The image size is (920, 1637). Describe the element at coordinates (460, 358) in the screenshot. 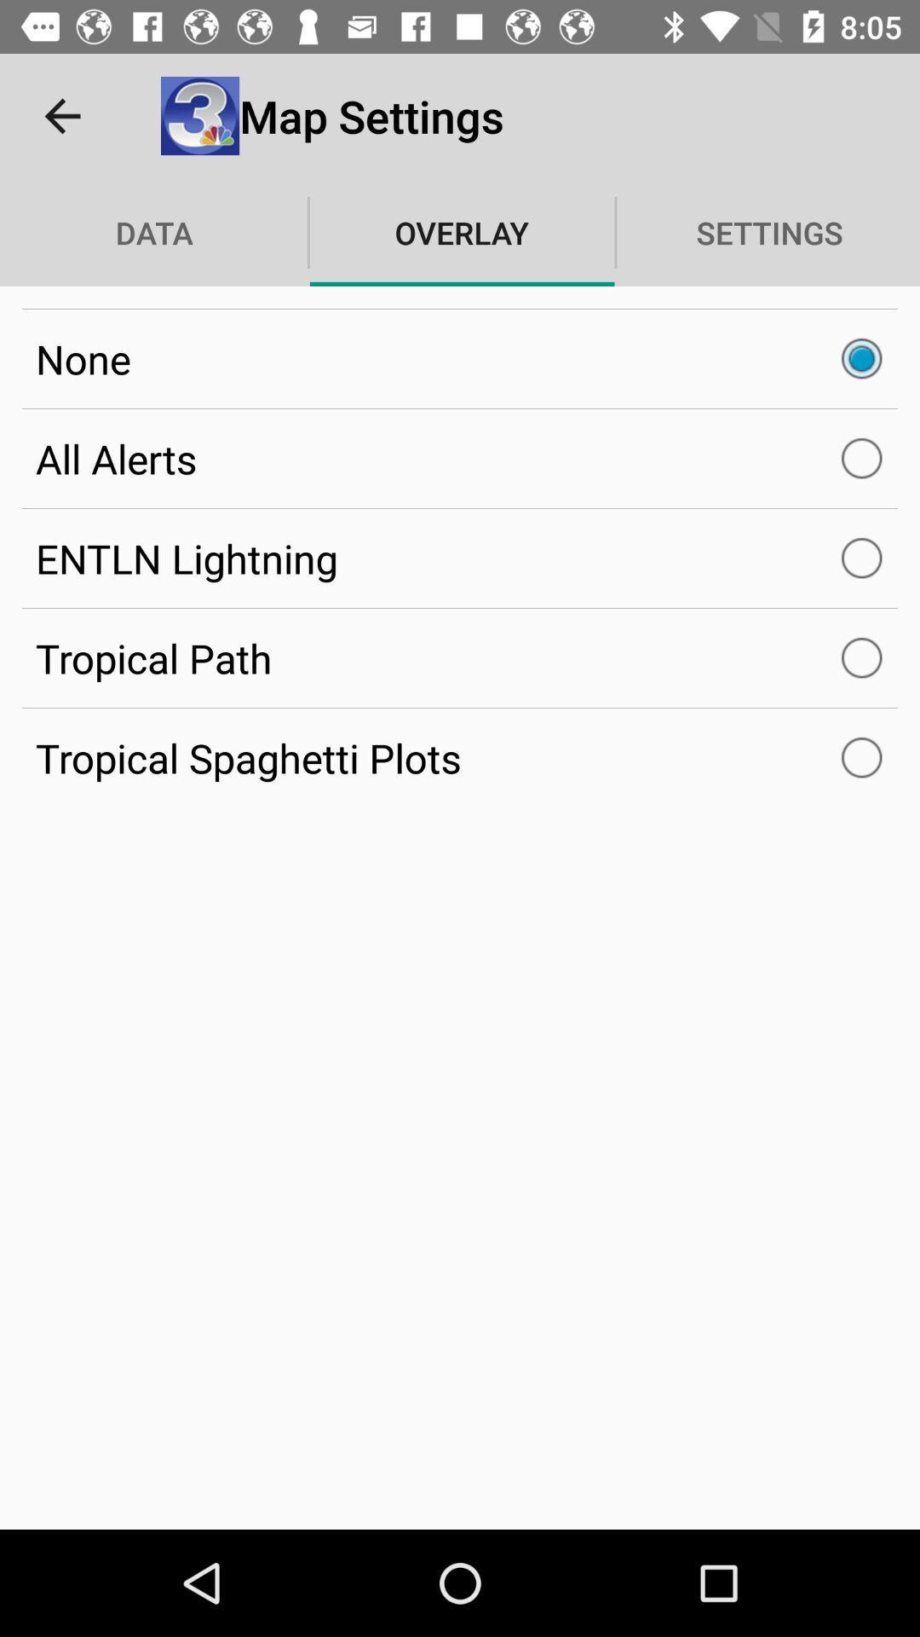

I see `none icon` at that location.